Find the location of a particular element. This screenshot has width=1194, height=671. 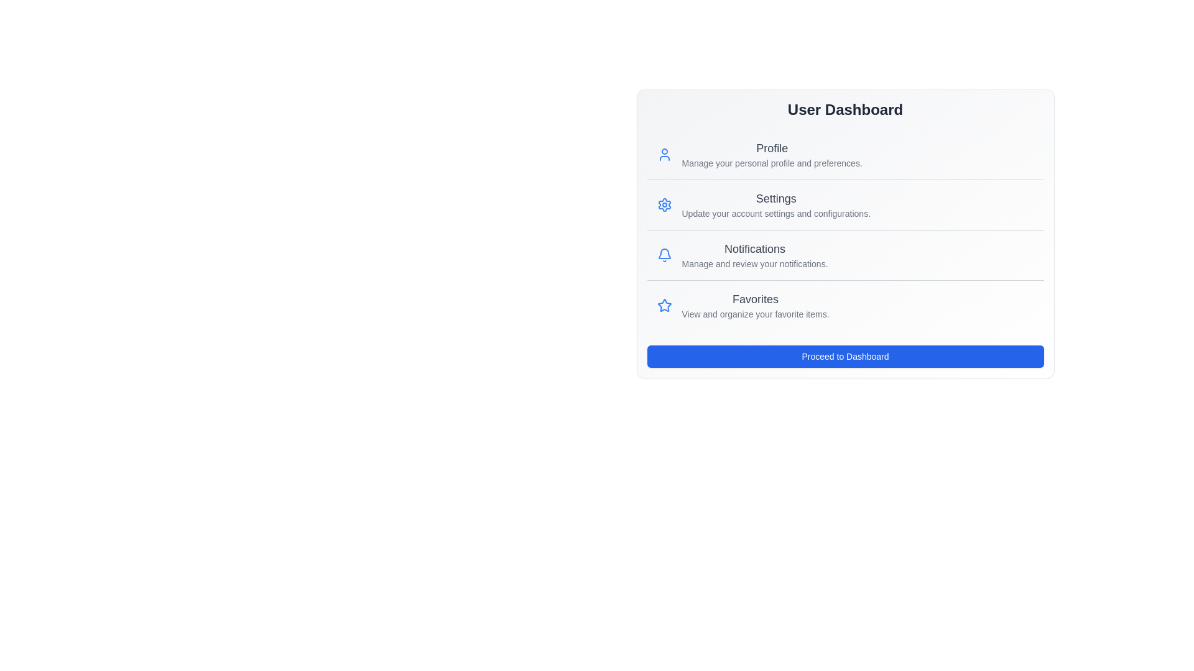

the third list entry in the vertical menu that allows users is located at coordinates (754, 306).